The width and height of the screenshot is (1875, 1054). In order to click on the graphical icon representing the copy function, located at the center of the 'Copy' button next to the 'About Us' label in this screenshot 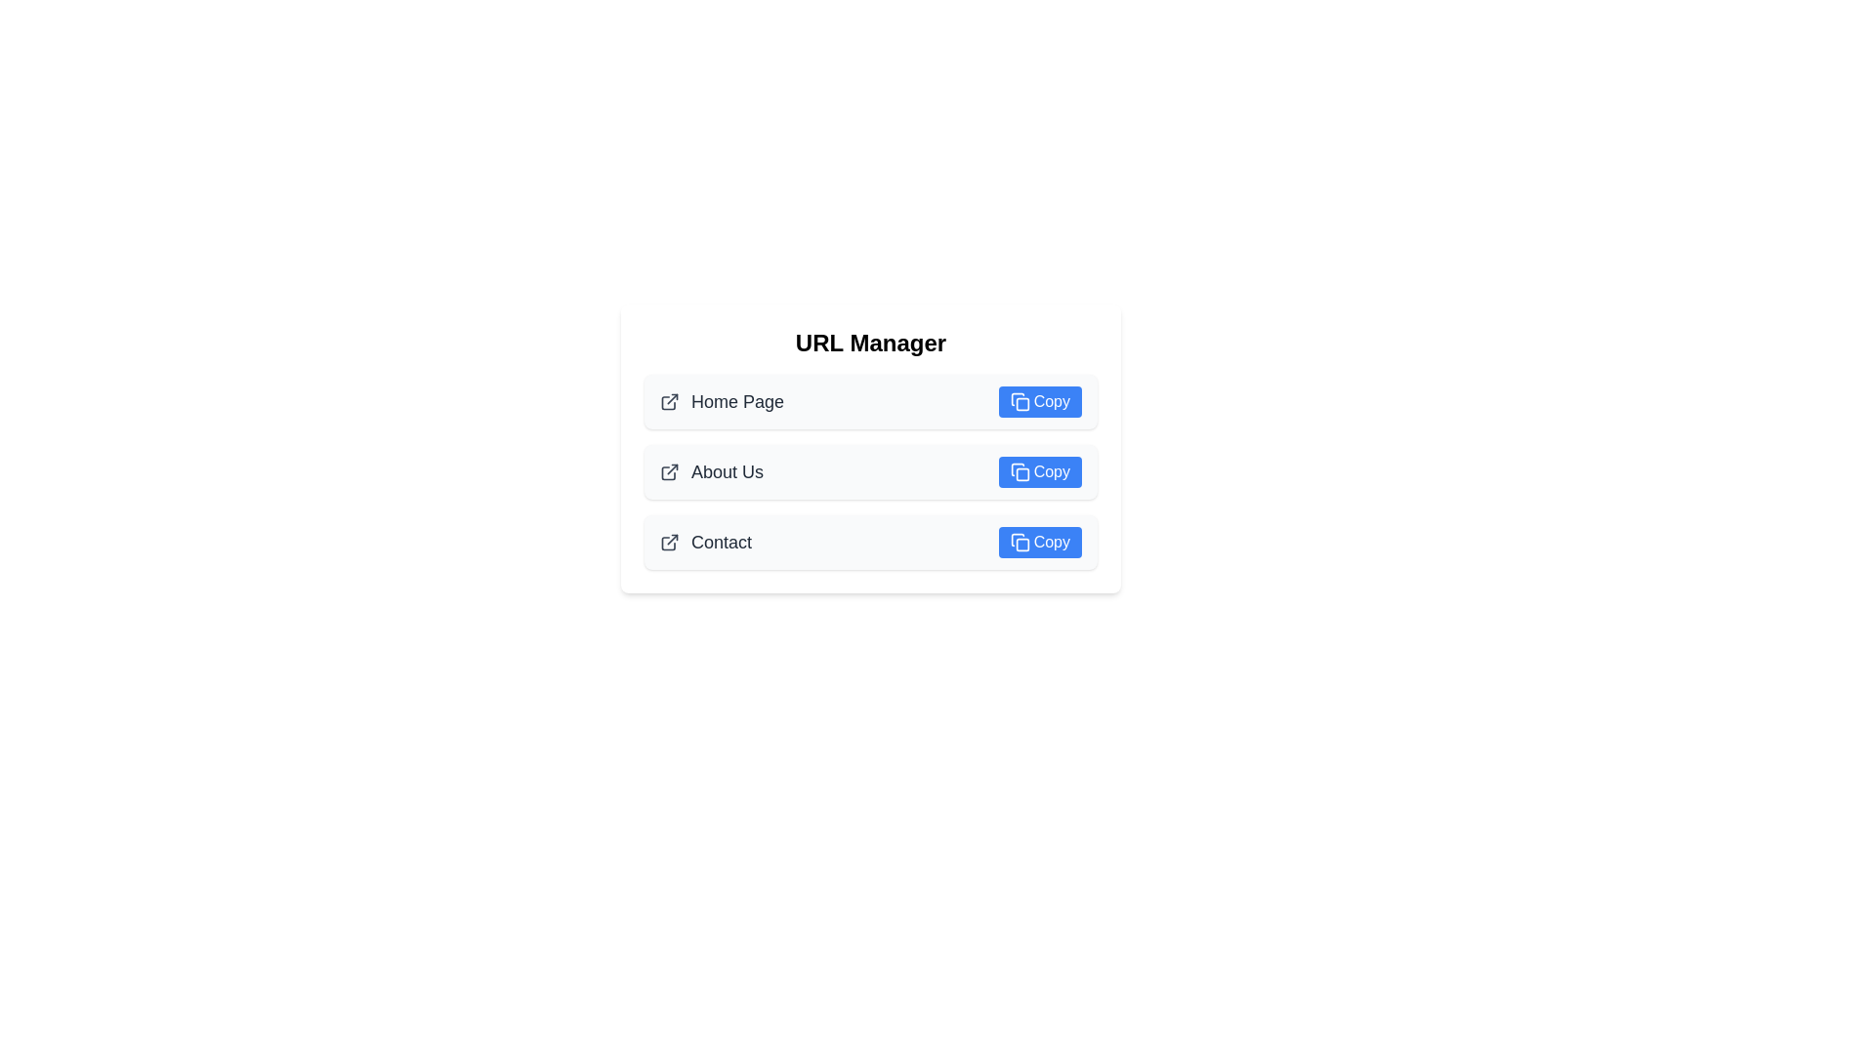, I will do `click(1021, 474)`.